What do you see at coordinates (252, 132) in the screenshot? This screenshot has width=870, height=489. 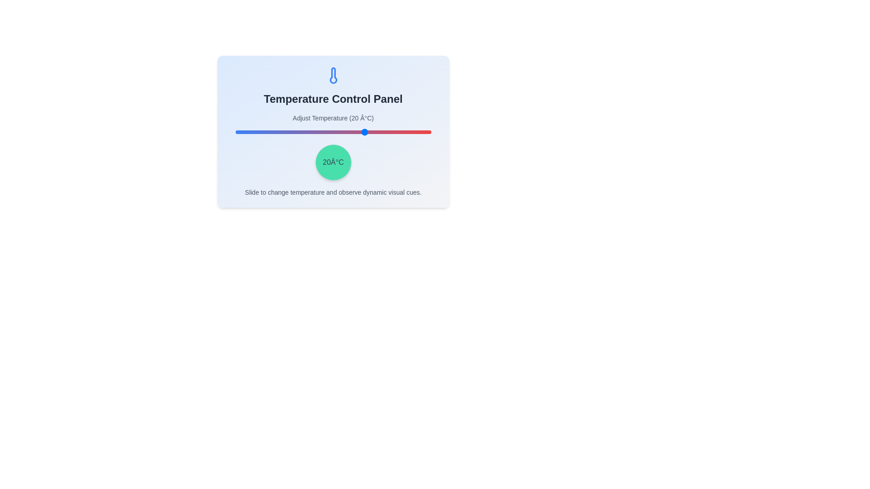 I see `the temperature to -32°C using the slider` at bounding box center [252, 132].